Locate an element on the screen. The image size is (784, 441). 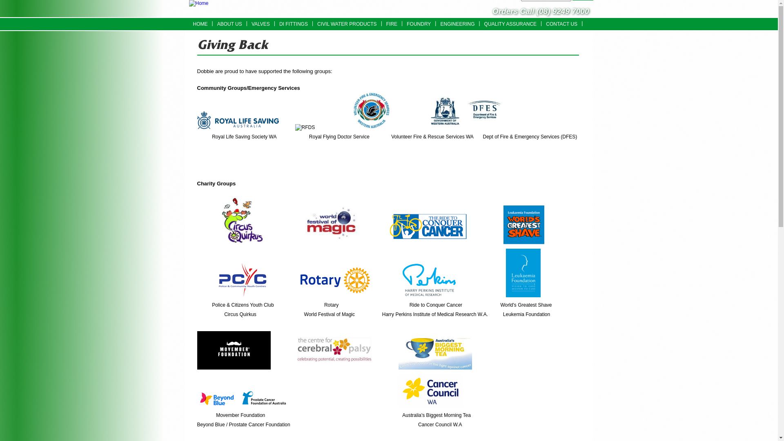
'Rotary Small' is located at coordinates (335, 280).